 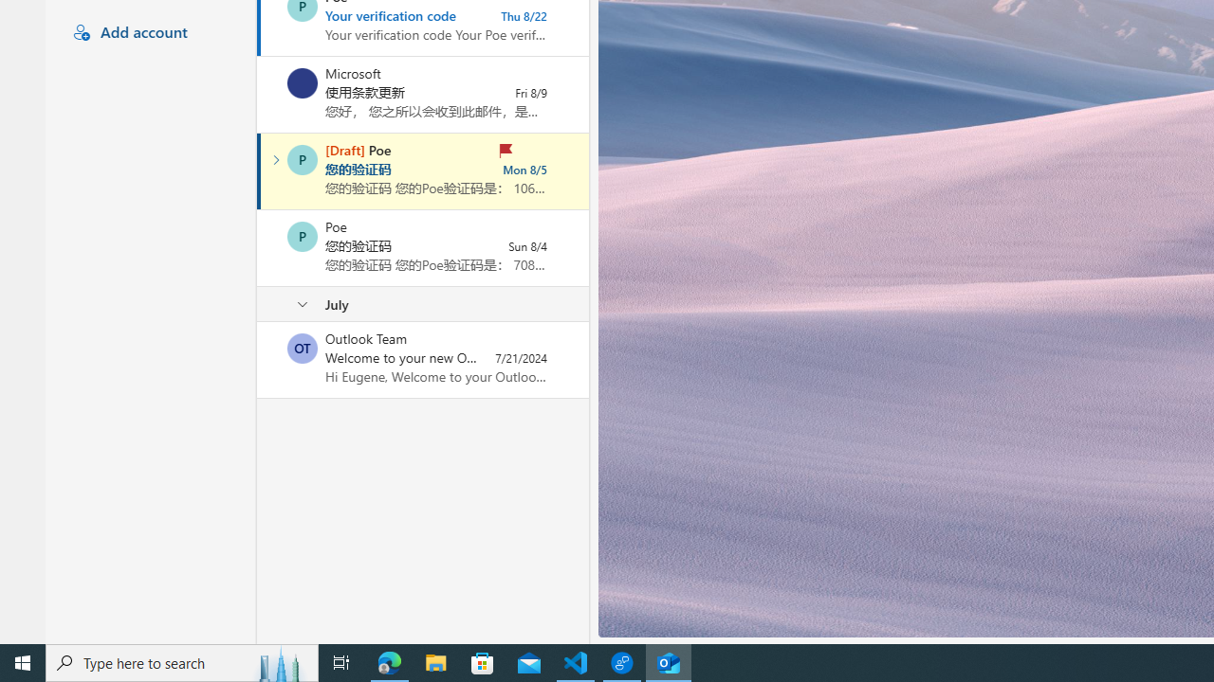 What do you see at coordinates (302, 235) in the screenshot?
I see `'Poe'` at bounding box center [302, 235].